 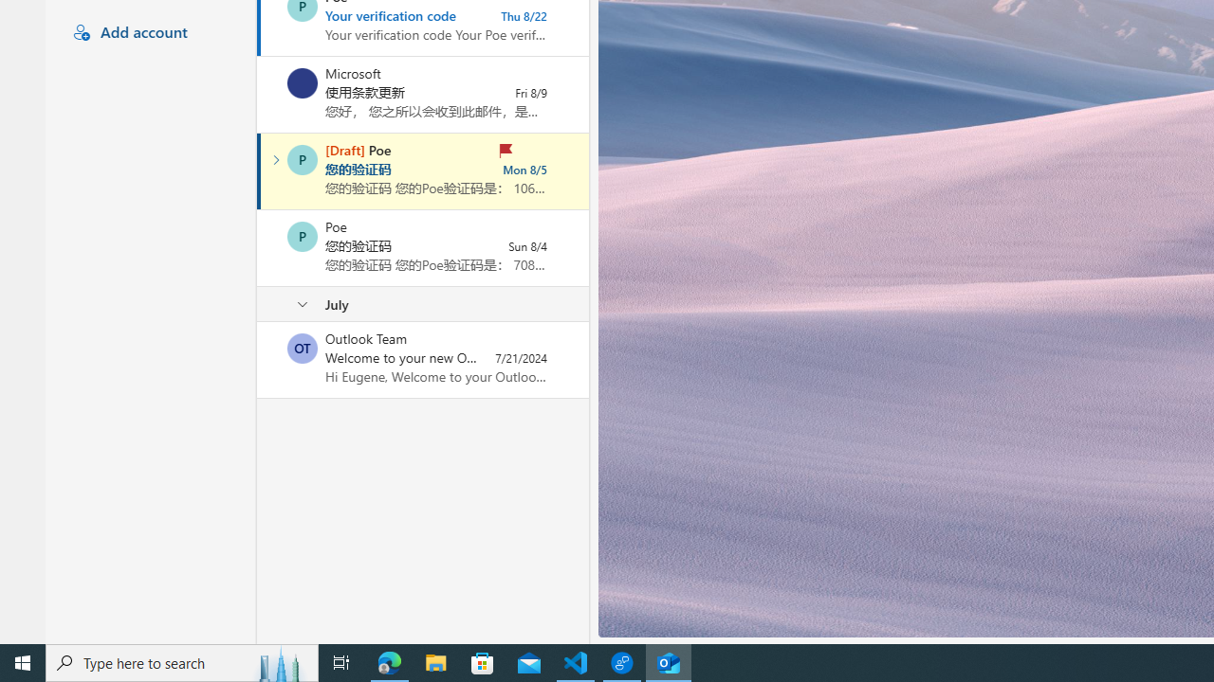 What do you see at coordinates (302, 235) in the screenshot?
I see `'Poe'` at bounding box center [302, 235].